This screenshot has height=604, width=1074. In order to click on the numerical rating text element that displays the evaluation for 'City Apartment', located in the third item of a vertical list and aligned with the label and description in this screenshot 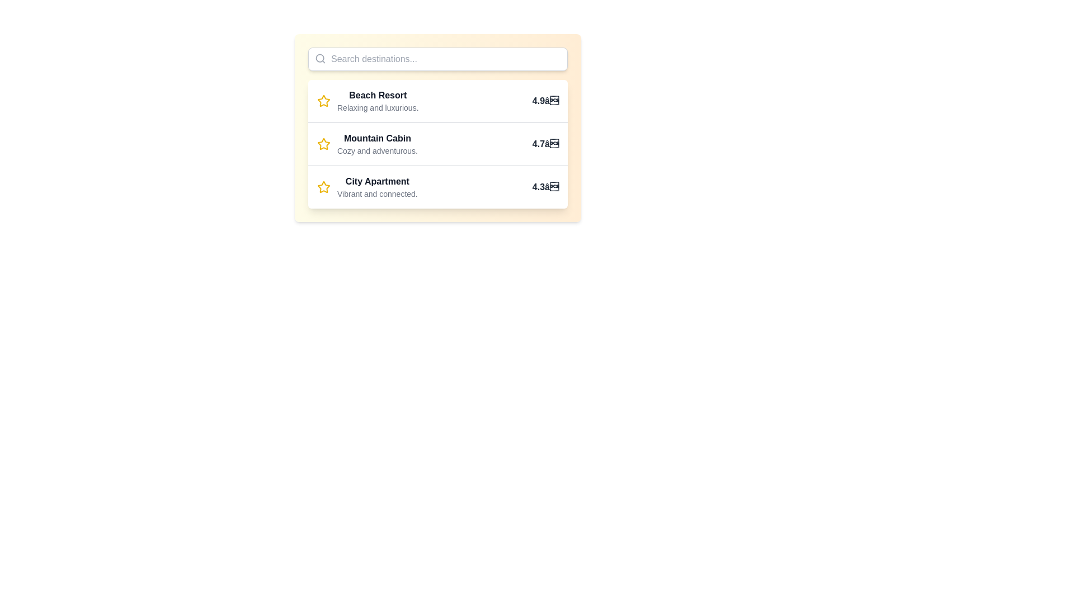, I will do `click(545, 187)`.